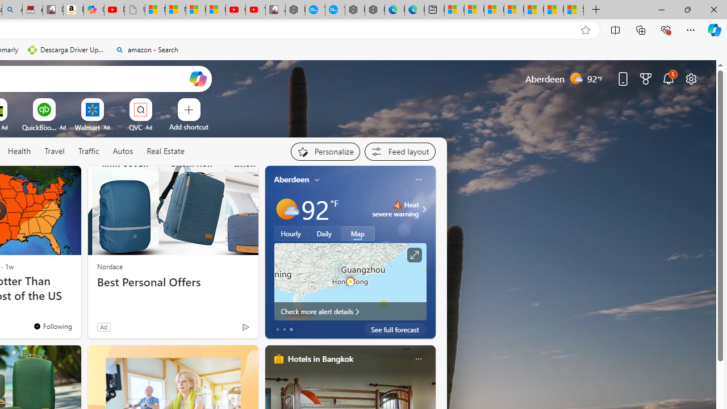  I want to click on 'Minimize', so click(661, 9).